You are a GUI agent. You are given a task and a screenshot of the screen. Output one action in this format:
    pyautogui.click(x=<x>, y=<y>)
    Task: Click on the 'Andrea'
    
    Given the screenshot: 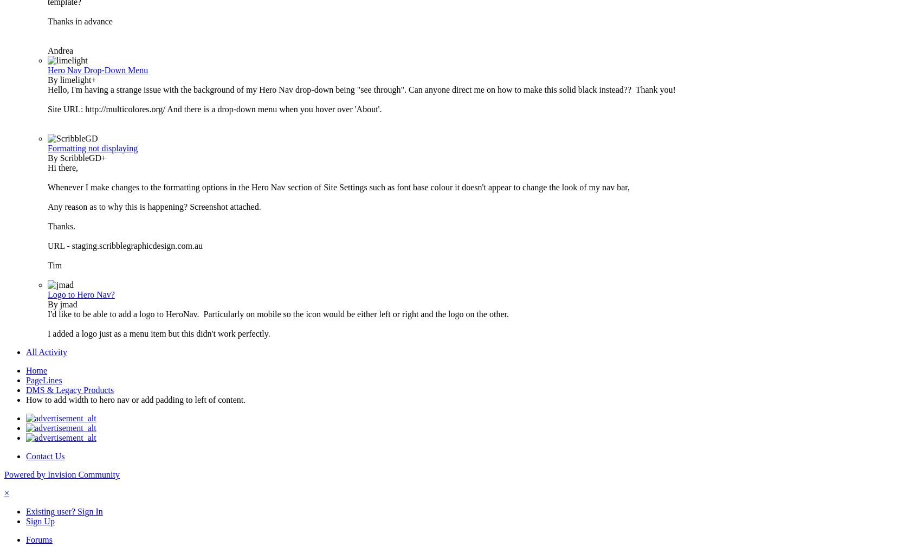 What is the action you would take?
    pyautogui.click(x=60, y=50)
    